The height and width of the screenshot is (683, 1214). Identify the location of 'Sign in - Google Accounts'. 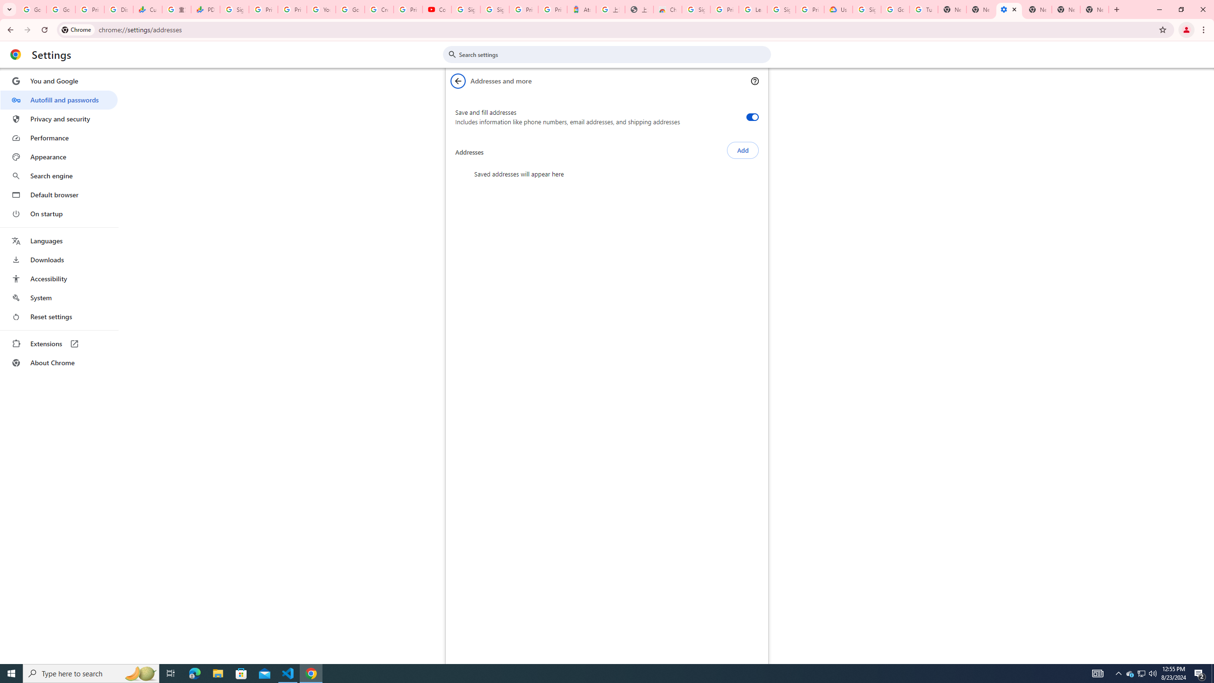
(465, 9).